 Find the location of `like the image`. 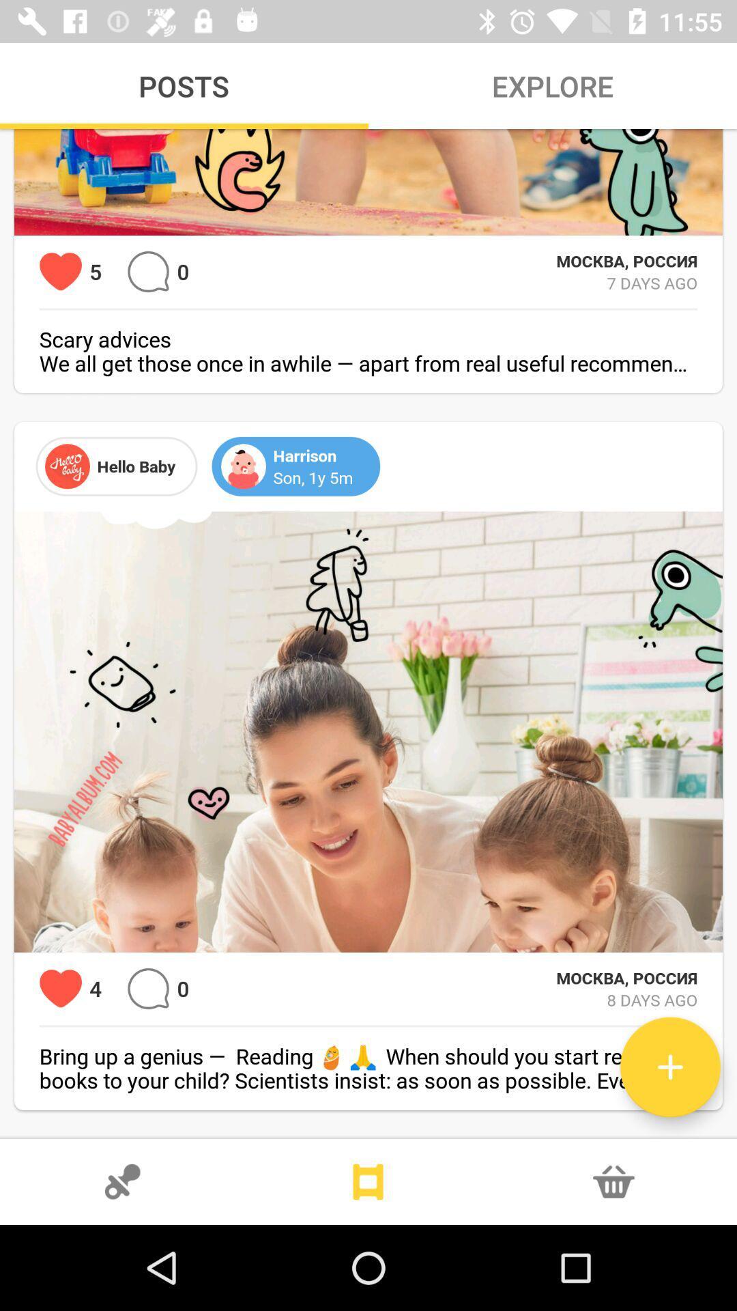

like the image is located at coordinates (60, 989).